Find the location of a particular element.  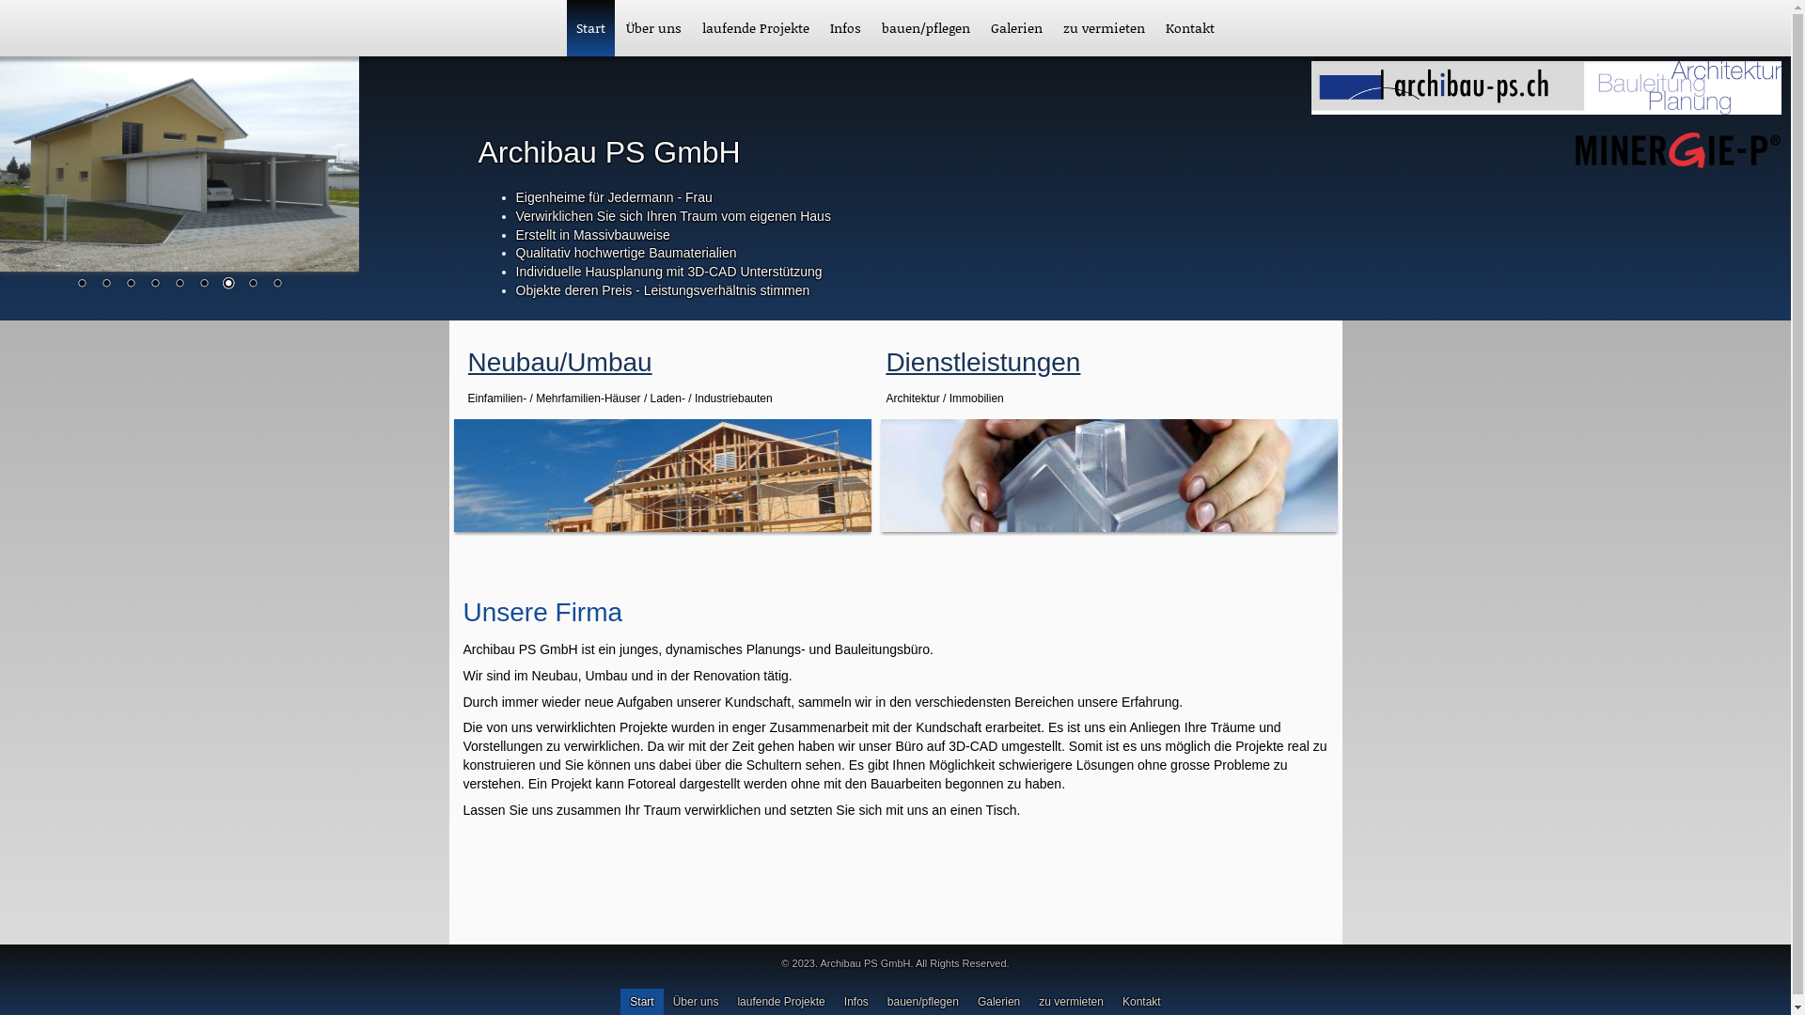

'8' is located at coordinates (251, 285).